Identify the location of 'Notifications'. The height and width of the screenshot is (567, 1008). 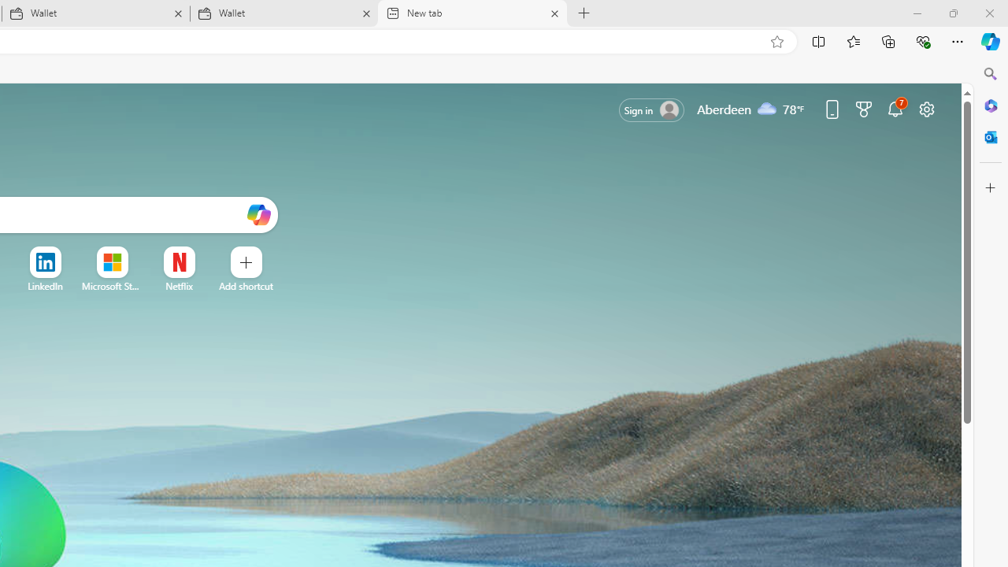
(895, 108).